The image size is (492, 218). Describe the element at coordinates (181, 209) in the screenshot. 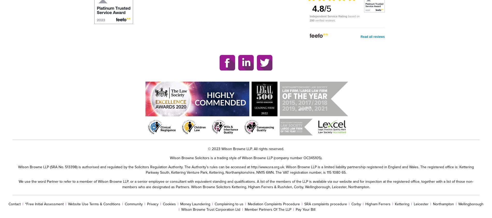

I see `'Wilson Browne Trust Corporation Ltd'` at that location.